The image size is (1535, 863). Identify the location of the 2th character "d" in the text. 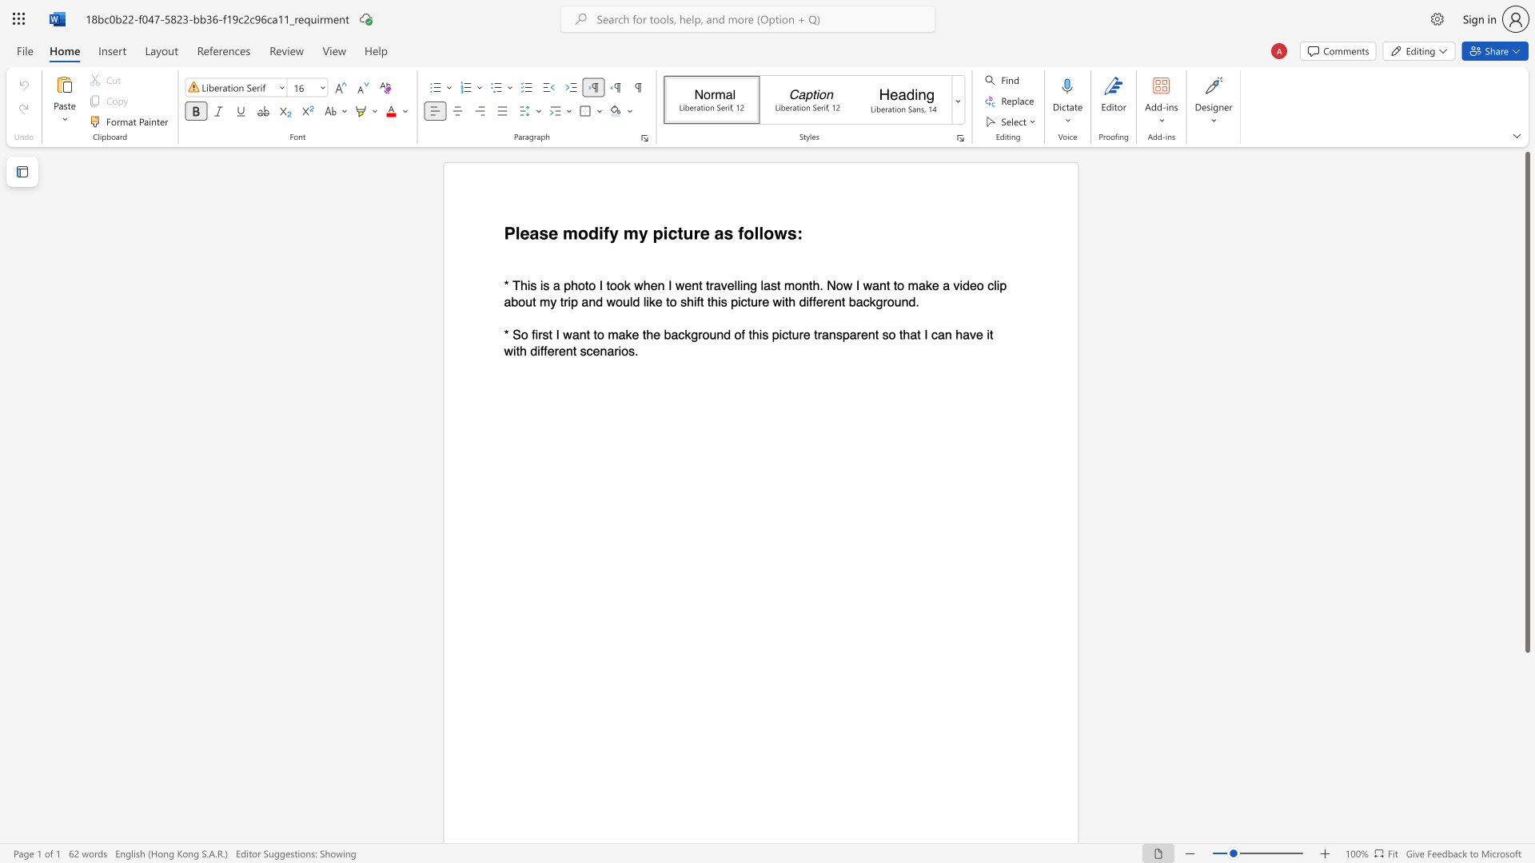
(598, 301).